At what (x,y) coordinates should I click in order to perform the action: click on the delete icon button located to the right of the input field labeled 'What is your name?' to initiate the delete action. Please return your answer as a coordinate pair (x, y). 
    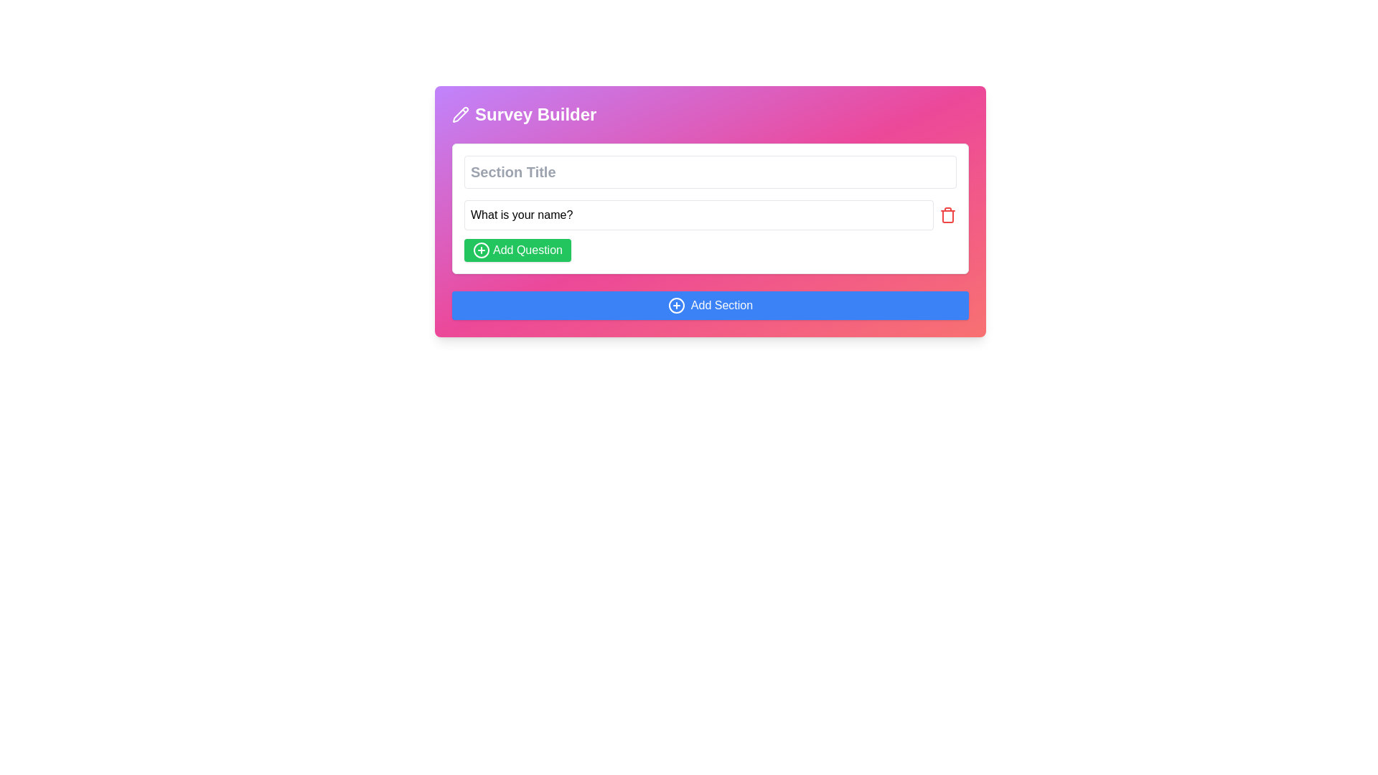
    Looking at the image, I should click on (947, 215).